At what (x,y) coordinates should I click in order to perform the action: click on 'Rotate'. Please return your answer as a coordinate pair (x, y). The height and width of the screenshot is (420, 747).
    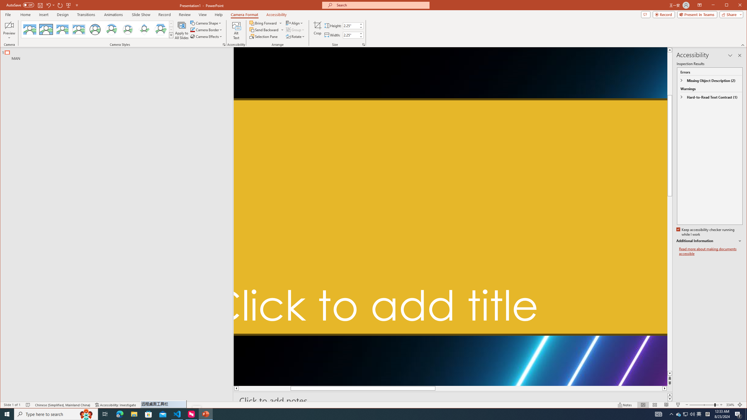
    Looking at the image, I should click on (296, 36).